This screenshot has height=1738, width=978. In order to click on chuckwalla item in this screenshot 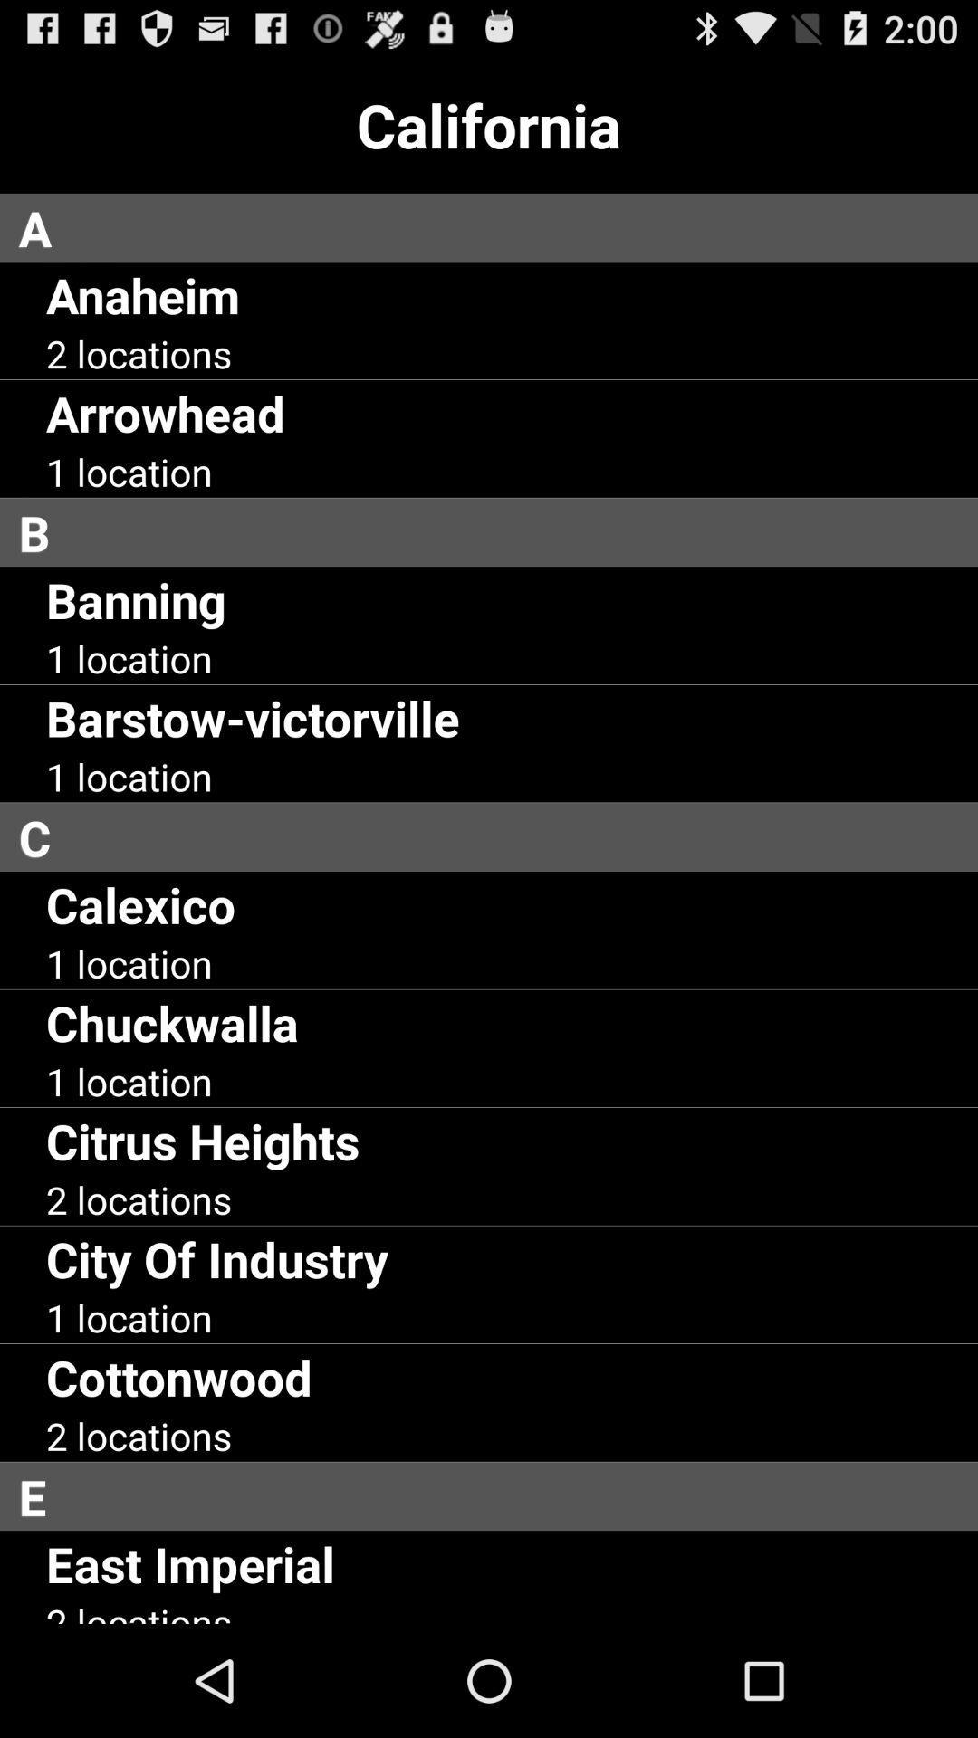, I will do `click(172, 1022)`.